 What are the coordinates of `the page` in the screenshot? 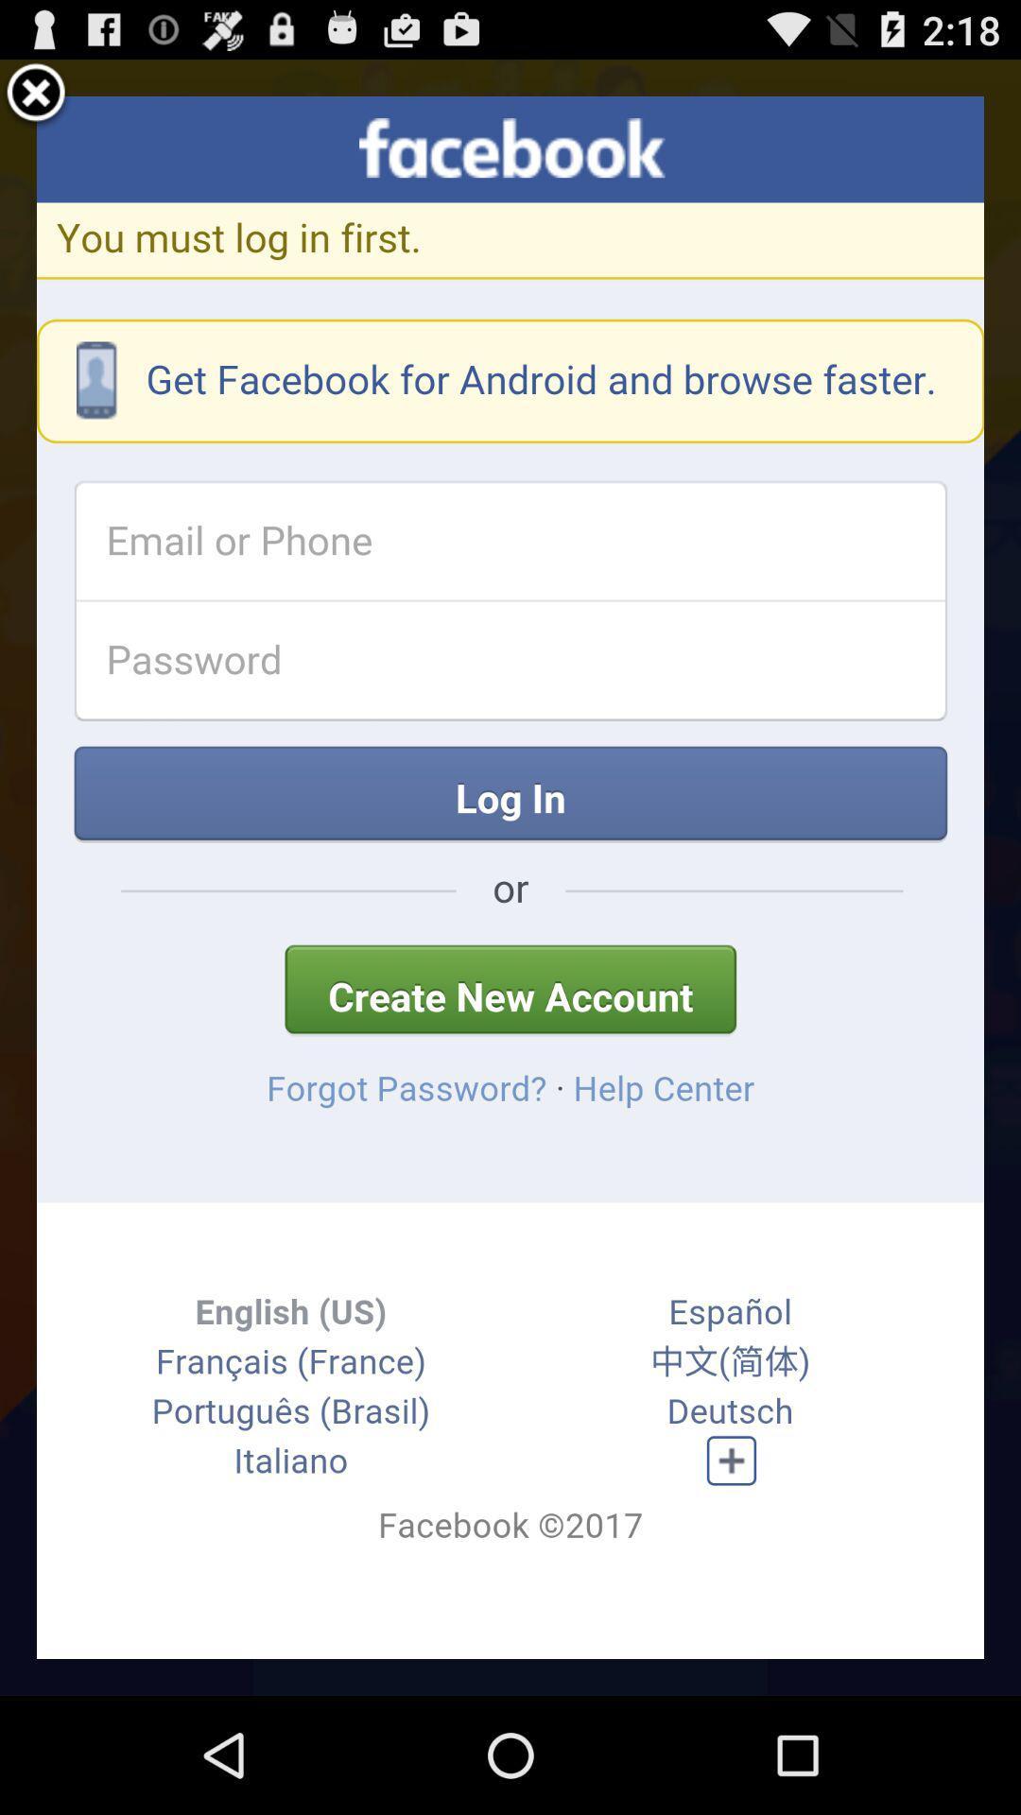 It's located at (36, 95).